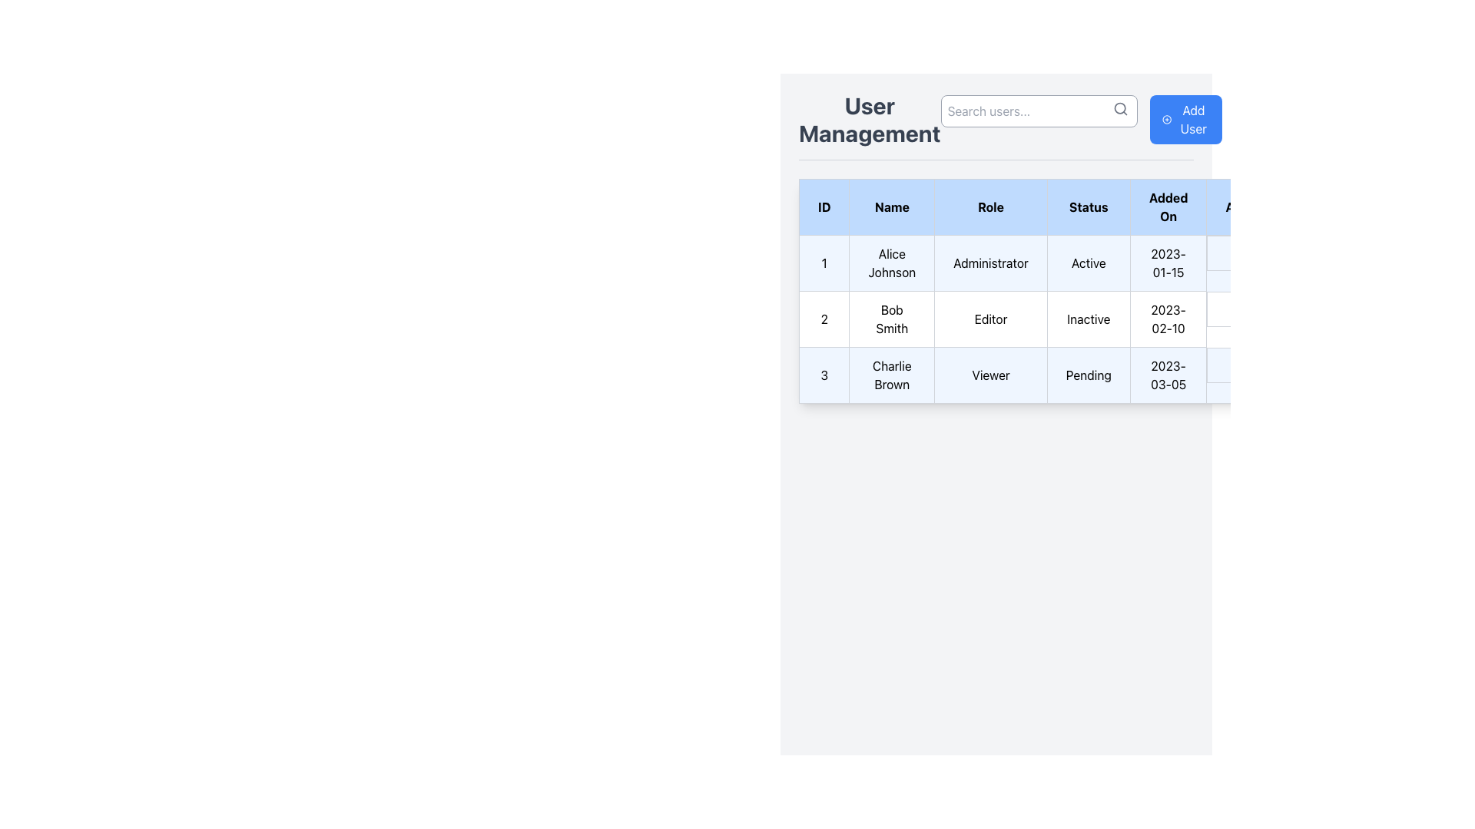 The height and width of the screenshot is (829, 1475). What do you see at coordinates (991, 375) in the screenshot?
I see `the read-only text label indicating the role associated with the user 'Charlie Brown', which is located in the third column of the third row of a table under the 'Role' column` at bounding box center [991, 375].